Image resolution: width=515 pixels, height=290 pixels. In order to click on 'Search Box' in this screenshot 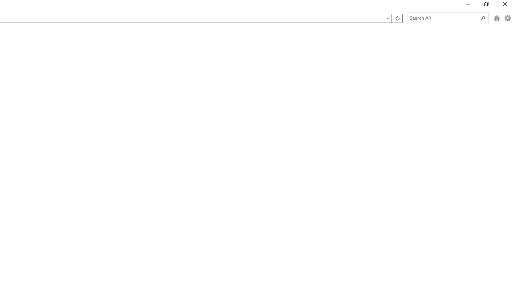, I will do `click(444, 18)`.